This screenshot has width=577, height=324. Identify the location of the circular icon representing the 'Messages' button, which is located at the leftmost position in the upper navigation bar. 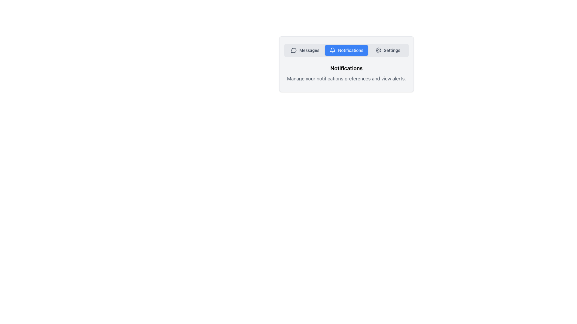
(294, 50).